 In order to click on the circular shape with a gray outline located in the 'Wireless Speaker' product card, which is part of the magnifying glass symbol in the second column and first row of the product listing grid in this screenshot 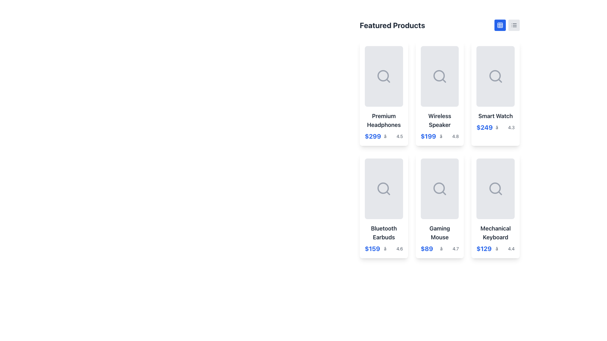, I will do `click(438, 75)`.